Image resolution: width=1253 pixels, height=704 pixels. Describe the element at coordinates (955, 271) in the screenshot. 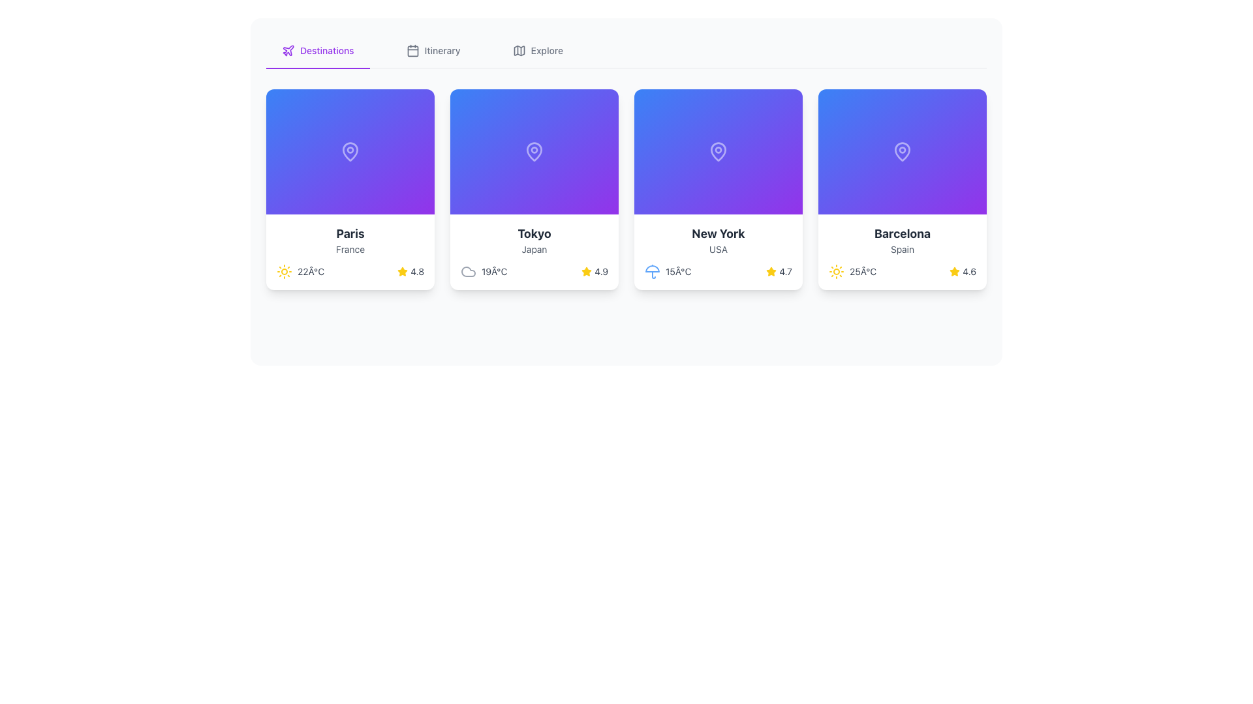

I see `the yellow star icon associated with the rating score of 4.6 located in the content card for the 'Barcelona' item` at that location.